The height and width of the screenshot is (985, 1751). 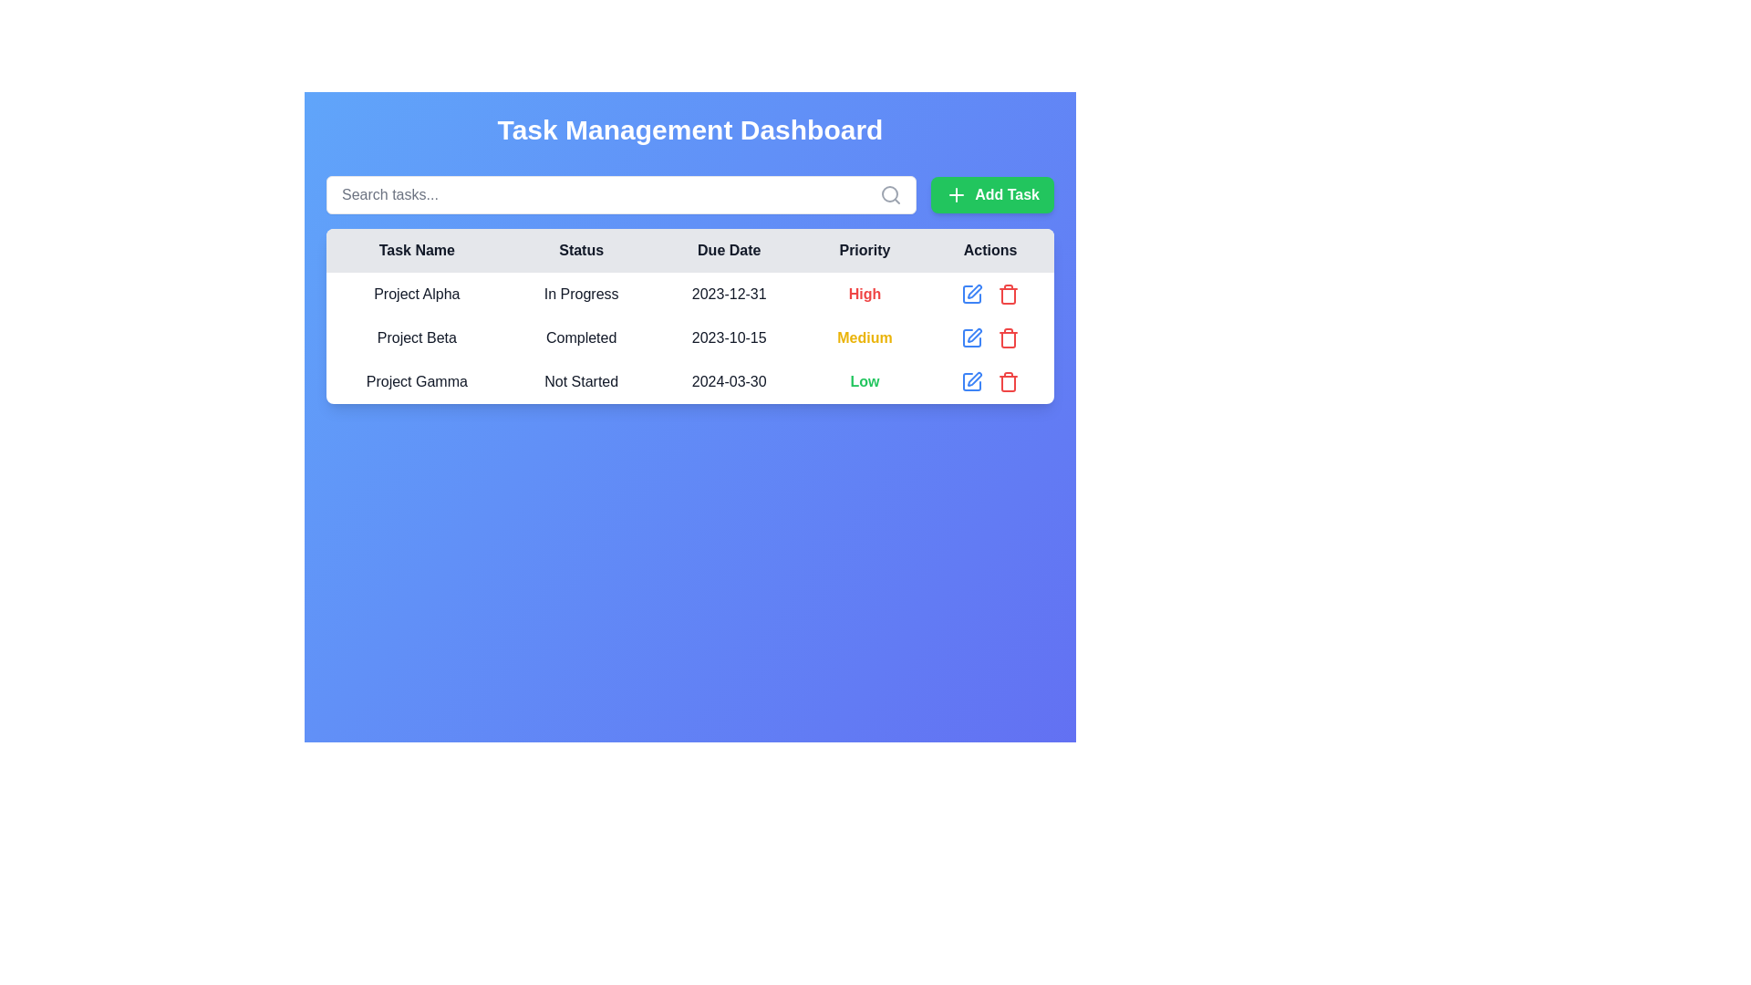 I want to click on the 'Project Gamma' text label located in the first column of the third row of the table under the 'Task Name' header, so click(x=416, y=381).